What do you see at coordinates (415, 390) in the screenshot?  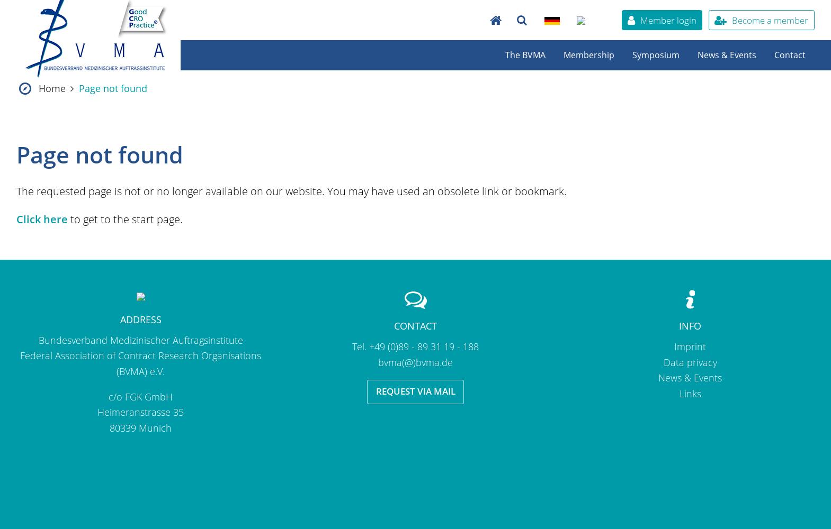 I see `'Request via mail'` at bounding box center [415, 390].